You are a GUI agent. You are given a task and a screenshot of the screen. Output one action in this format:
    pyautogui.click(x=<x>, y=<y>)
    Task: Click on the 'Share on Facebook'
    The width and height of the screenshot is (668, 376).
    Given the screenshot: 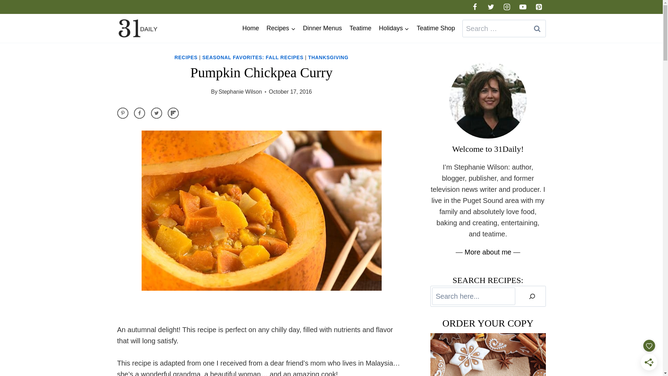 What is the action you would take?
    pyautogui.click(x=134, y=112)
    